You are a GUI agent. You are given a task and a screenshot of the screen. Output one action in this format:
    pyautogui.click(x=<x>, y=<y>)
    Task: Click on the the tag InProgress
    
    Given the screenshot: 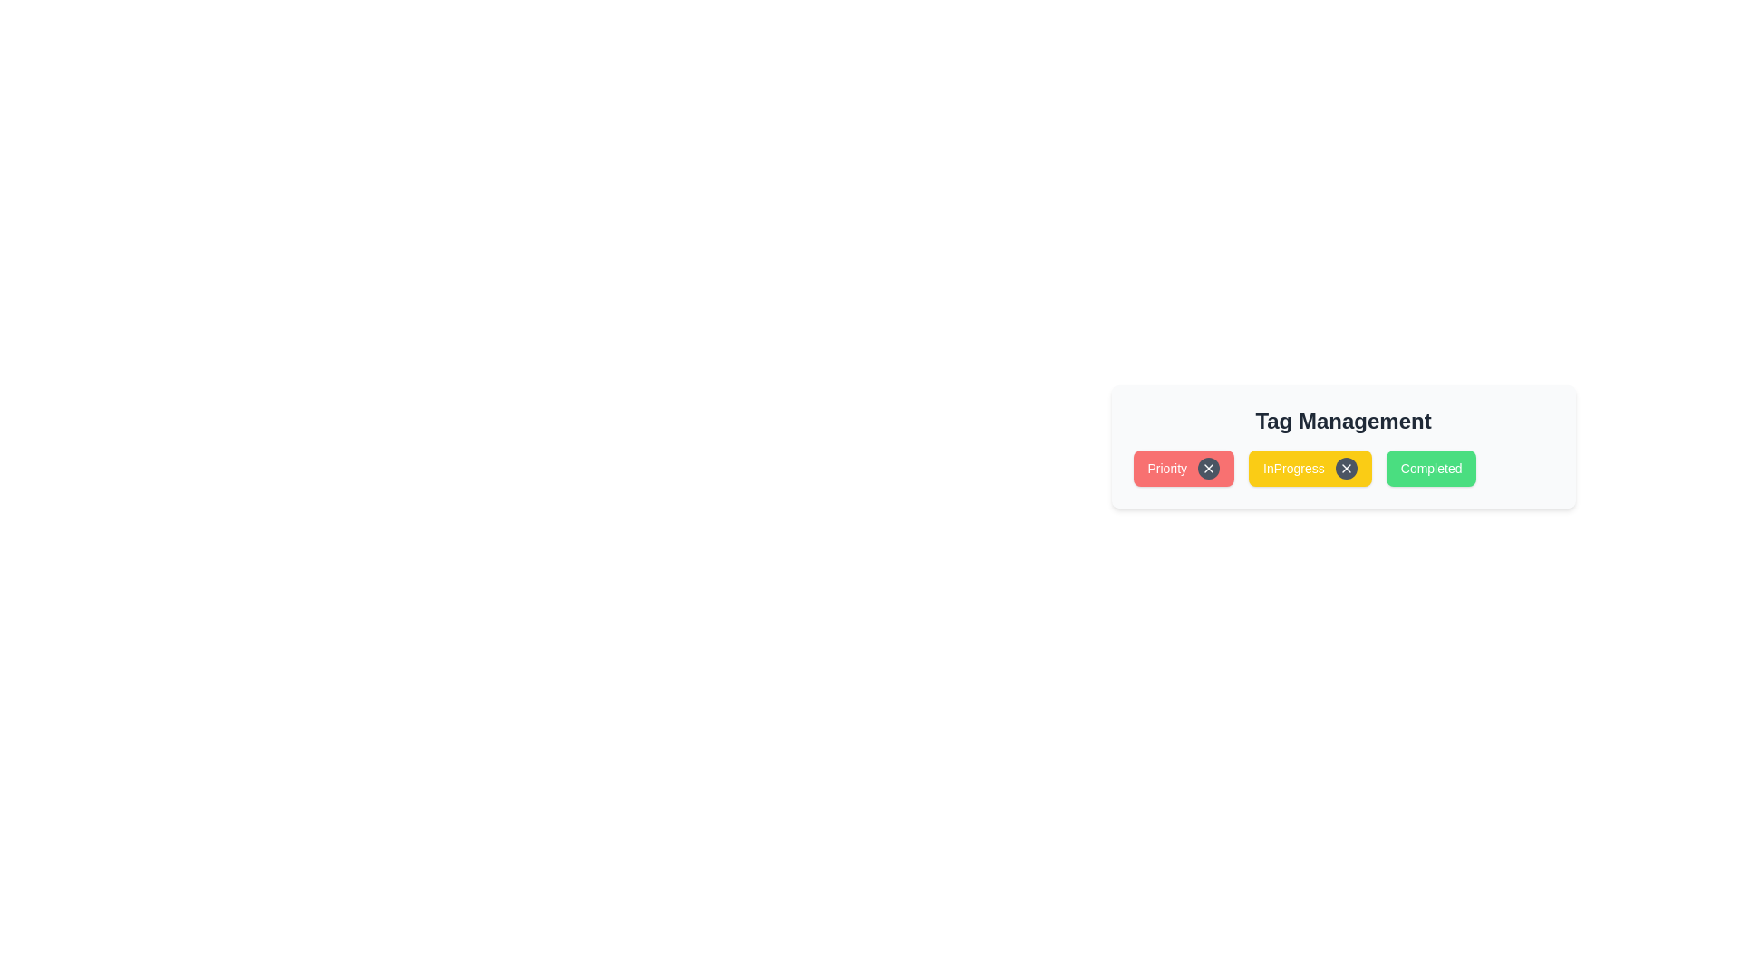 What is the action you would take?
    pyautogui.click(x=1309, y=467)
    